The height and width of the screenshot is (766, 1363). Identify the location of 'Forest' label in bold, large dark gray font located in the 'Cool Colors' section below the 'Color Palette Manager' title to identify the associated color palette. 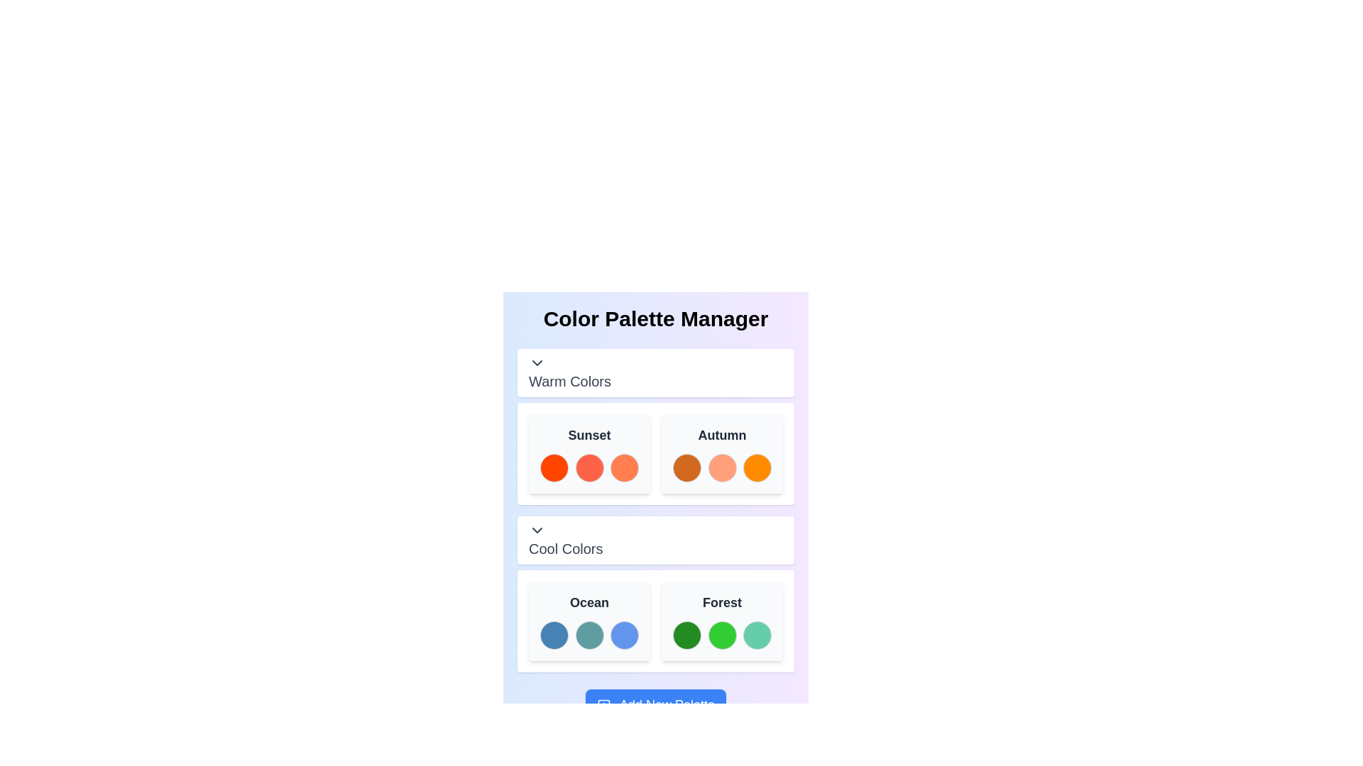
(722, 602).